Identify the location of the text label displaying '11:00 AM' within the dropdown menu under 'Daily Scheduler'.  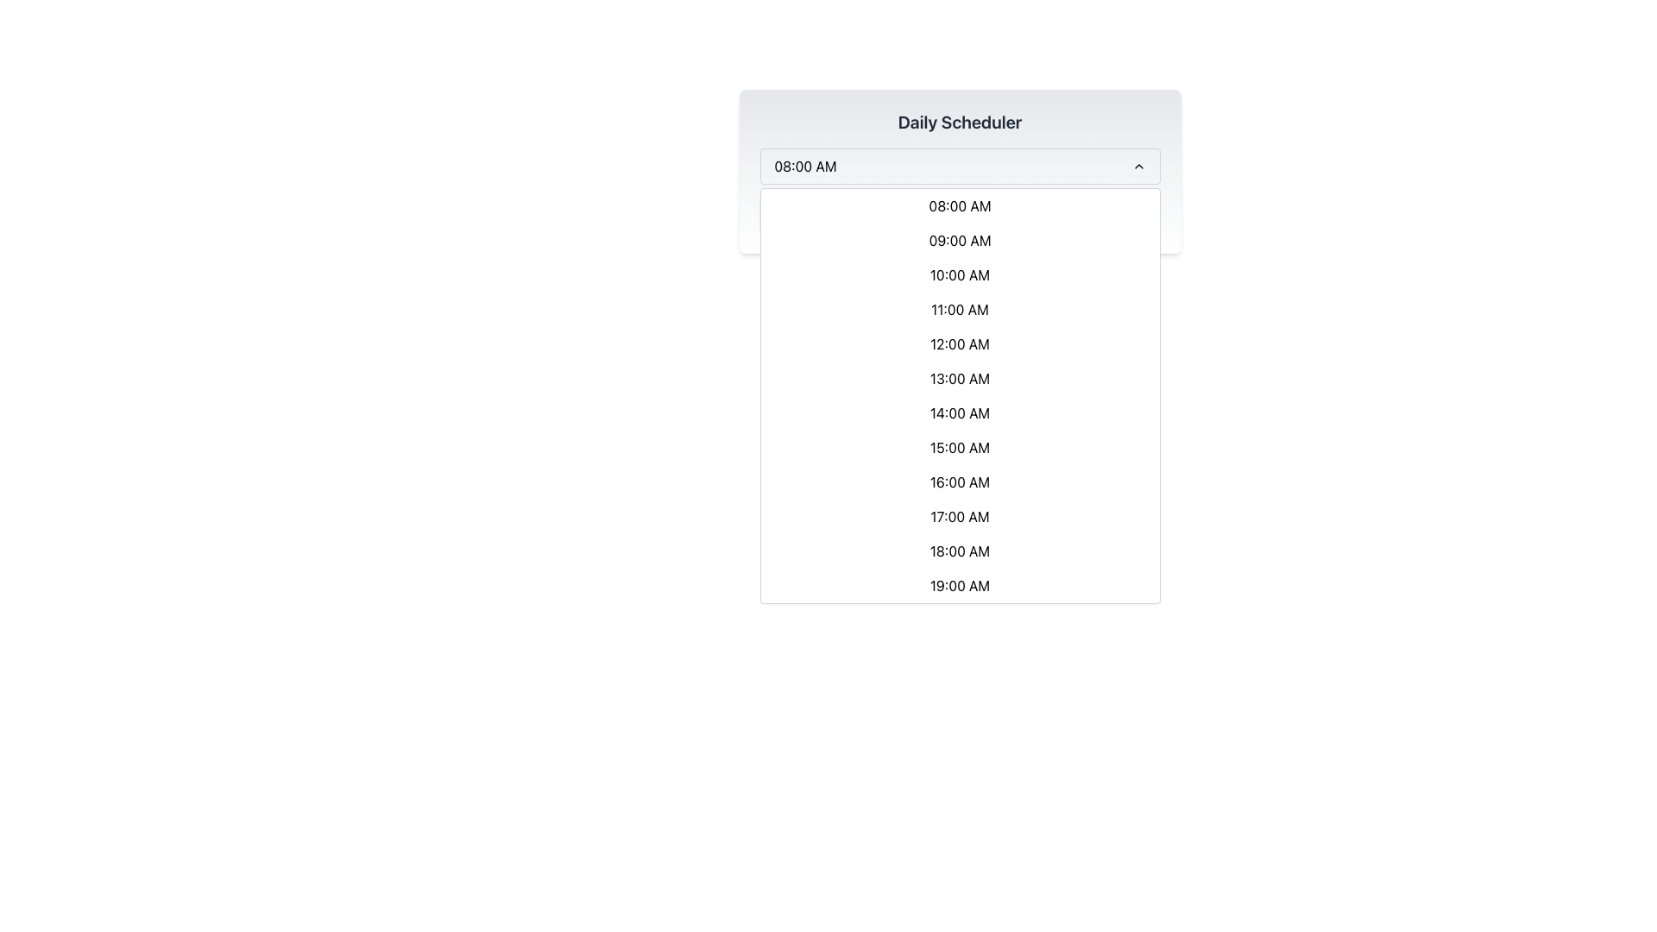
(959, 308).